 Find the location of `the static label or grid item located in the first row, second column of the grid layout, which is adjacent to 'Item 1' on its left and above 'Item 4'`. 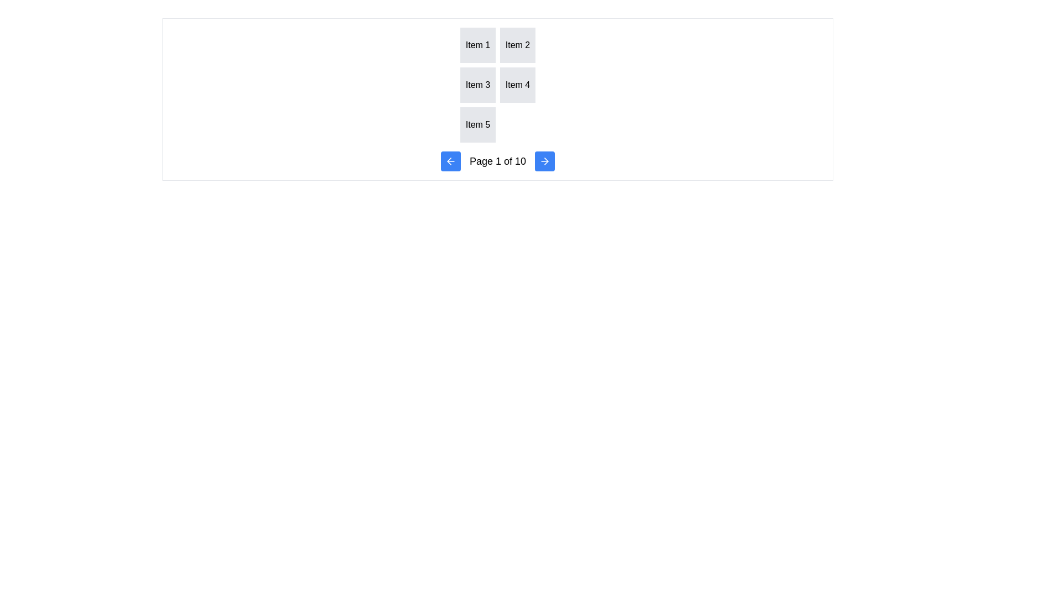

the static label or grid item located in the first row, second column of the grid layout, which is adjacent to 'Item 1' on its left and above 'Item 4' is located at coordinates (517, 44).